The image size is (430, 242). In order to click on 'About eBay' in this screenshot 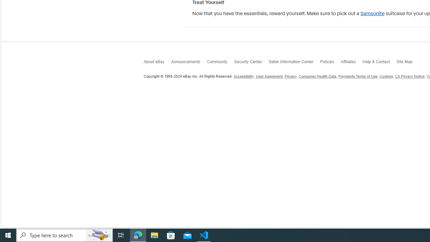, I will do `click(157, 64)`.